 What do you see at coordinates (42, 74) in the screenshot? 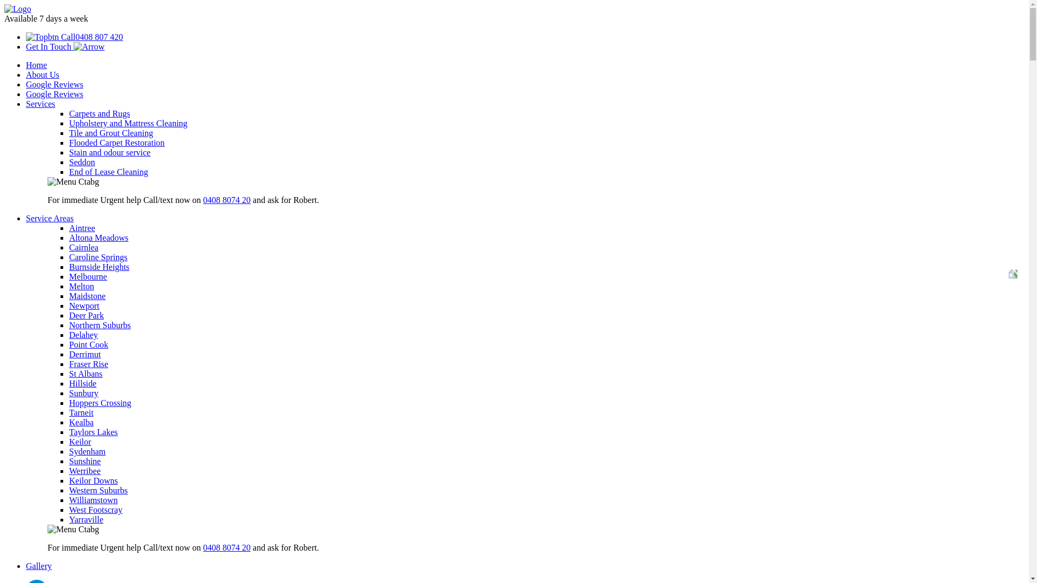
I see `'About Us'` at bounding box center [42, 74].